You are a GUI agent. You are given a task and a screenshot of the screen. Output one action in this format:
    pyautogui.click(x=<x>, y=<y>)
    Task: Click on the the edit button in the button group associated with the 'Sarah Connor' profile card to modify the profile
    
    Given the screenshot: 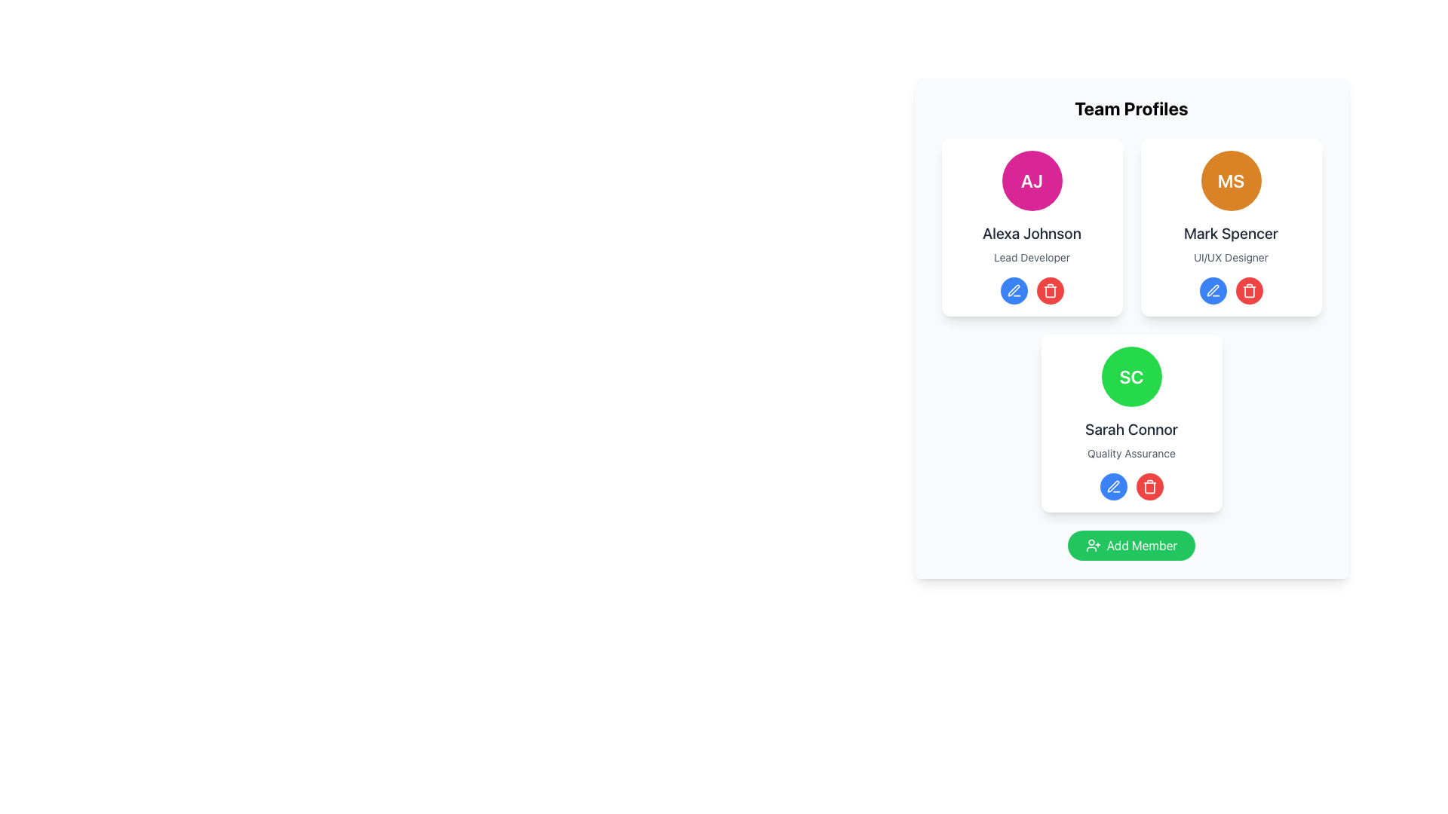 What is the action you would take?
    pyautogui.click(x=1131, y=486)
    